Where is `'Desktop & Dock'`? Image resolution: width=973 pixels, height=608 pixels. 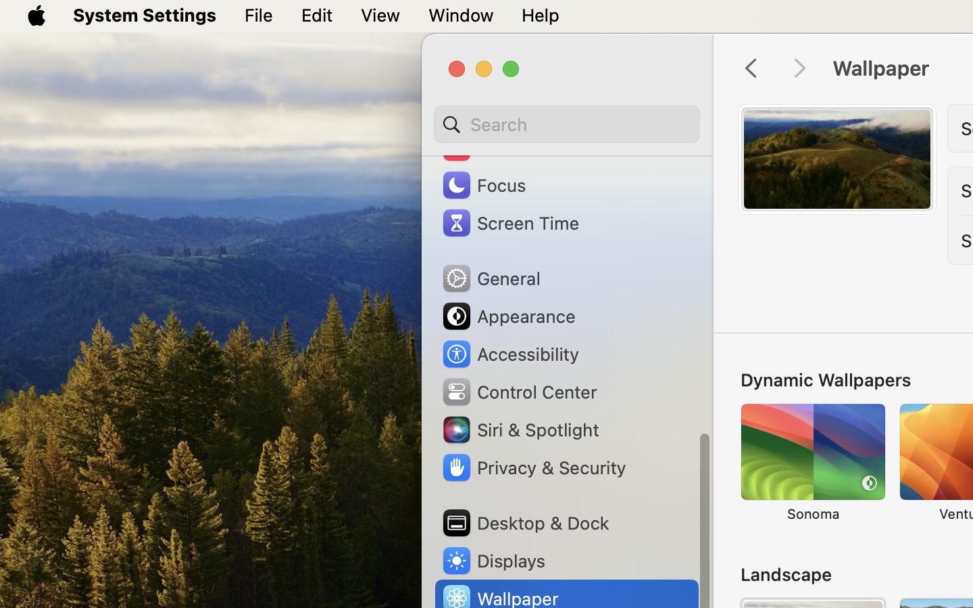 'Desktop & Dock' is located at coordinates (524, 522).